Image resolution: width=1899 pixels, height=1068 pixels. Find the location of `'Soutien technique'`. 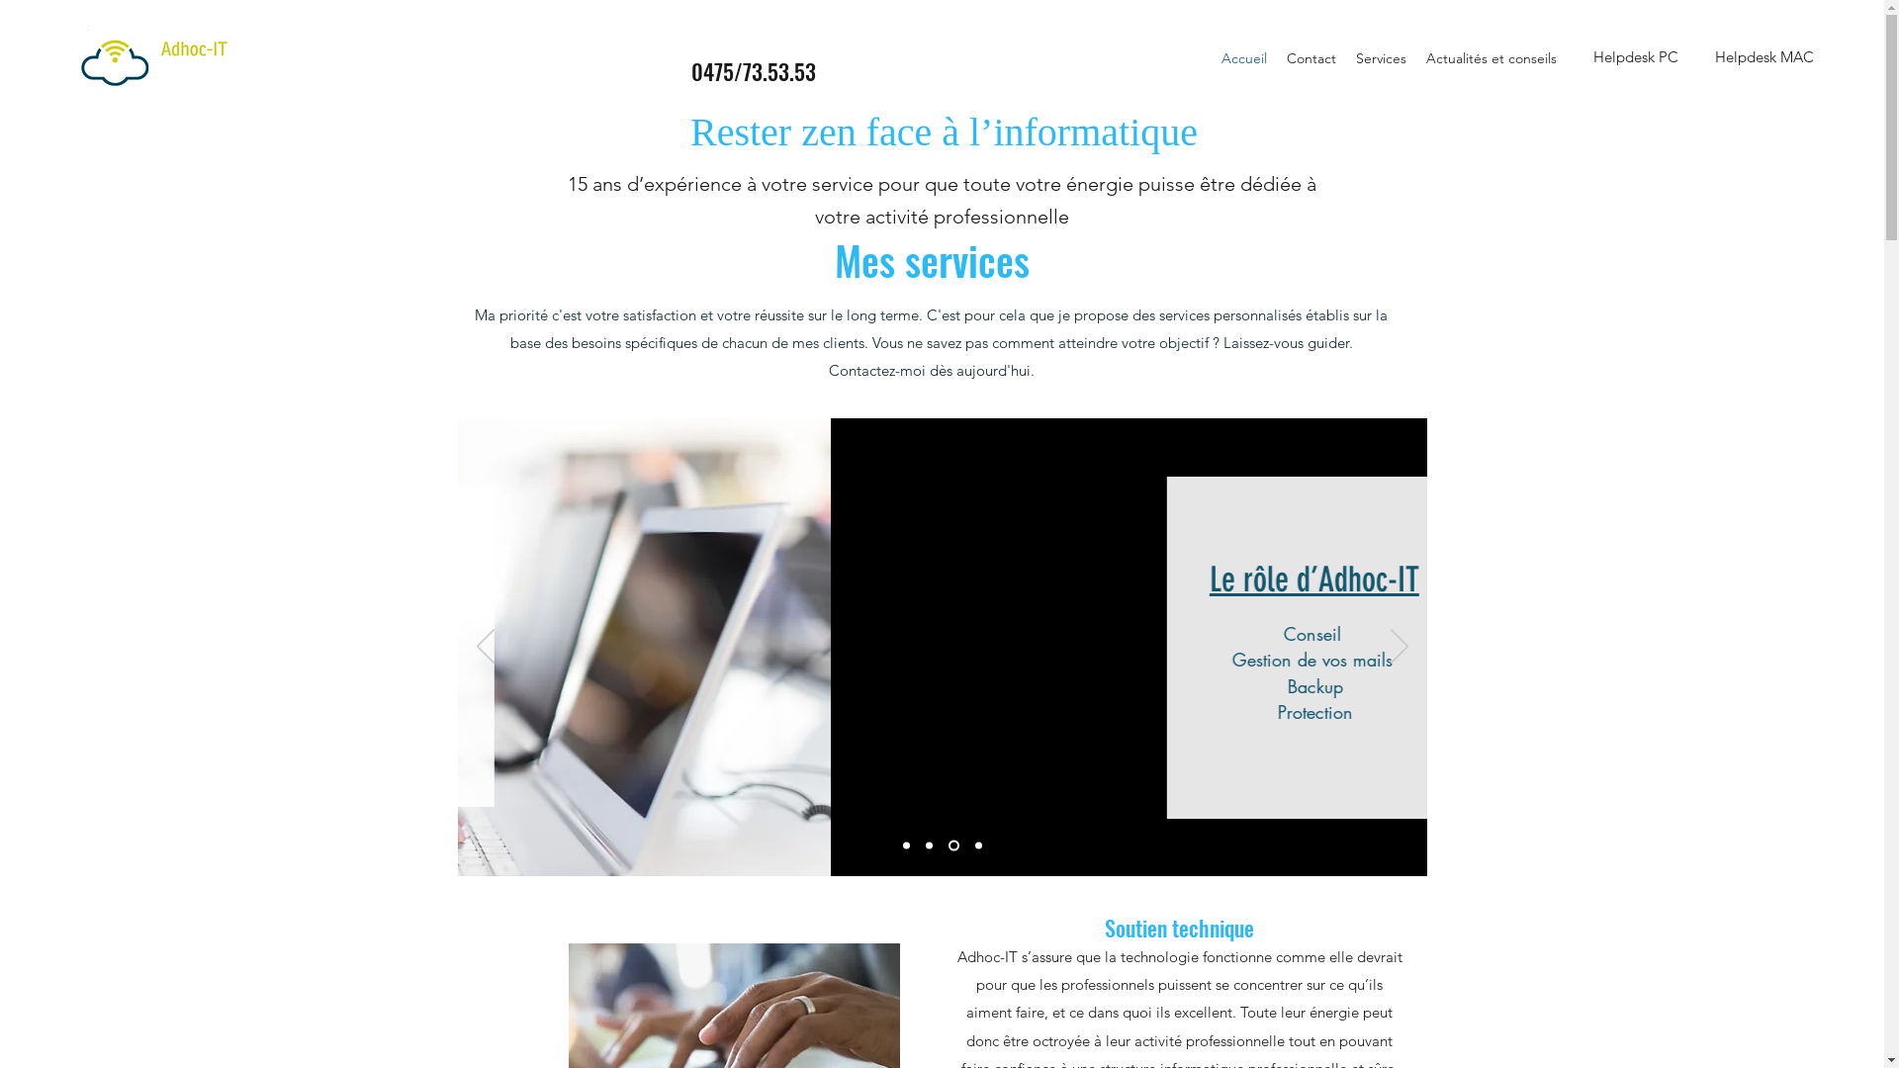

'Soutien technique' is located at coordinates (938, 553).